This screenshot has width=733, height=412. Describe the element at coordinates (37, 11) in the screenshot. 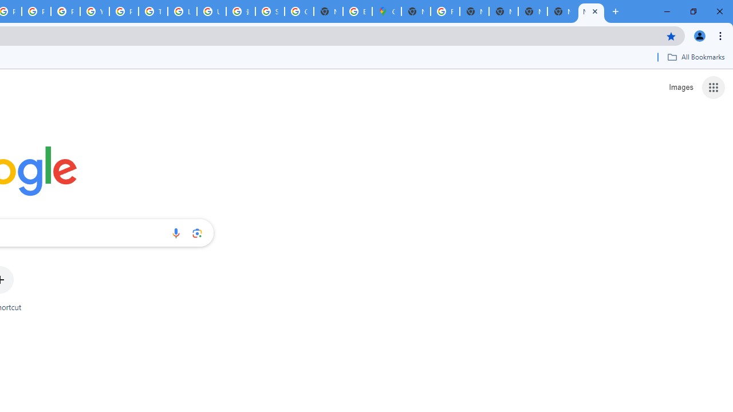

I see `'Privacy Help Center - Policies Help'` at that location.